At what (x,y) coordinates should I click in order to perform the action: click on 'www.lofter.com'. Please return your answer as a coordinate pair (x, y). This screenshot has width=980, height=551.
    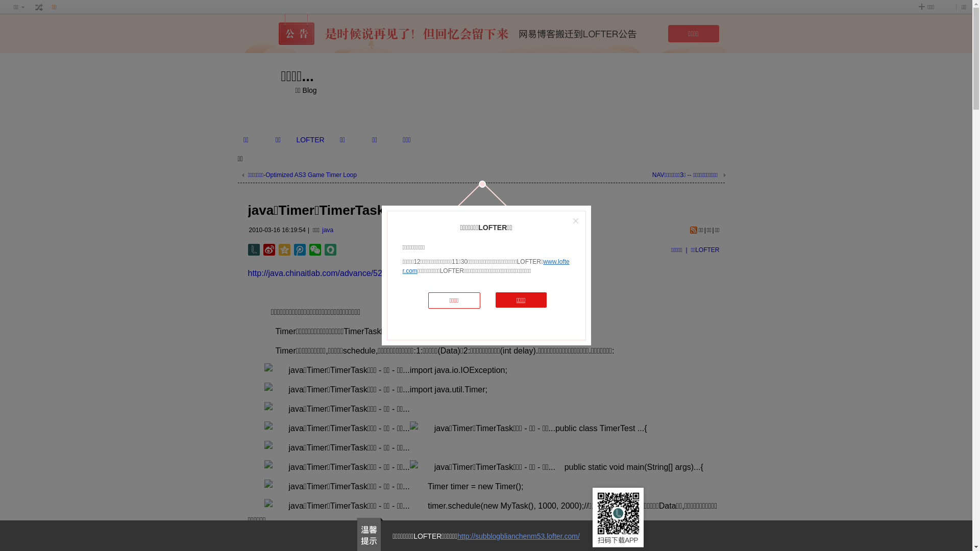
    Looking at the image, I should click on (485, 265).